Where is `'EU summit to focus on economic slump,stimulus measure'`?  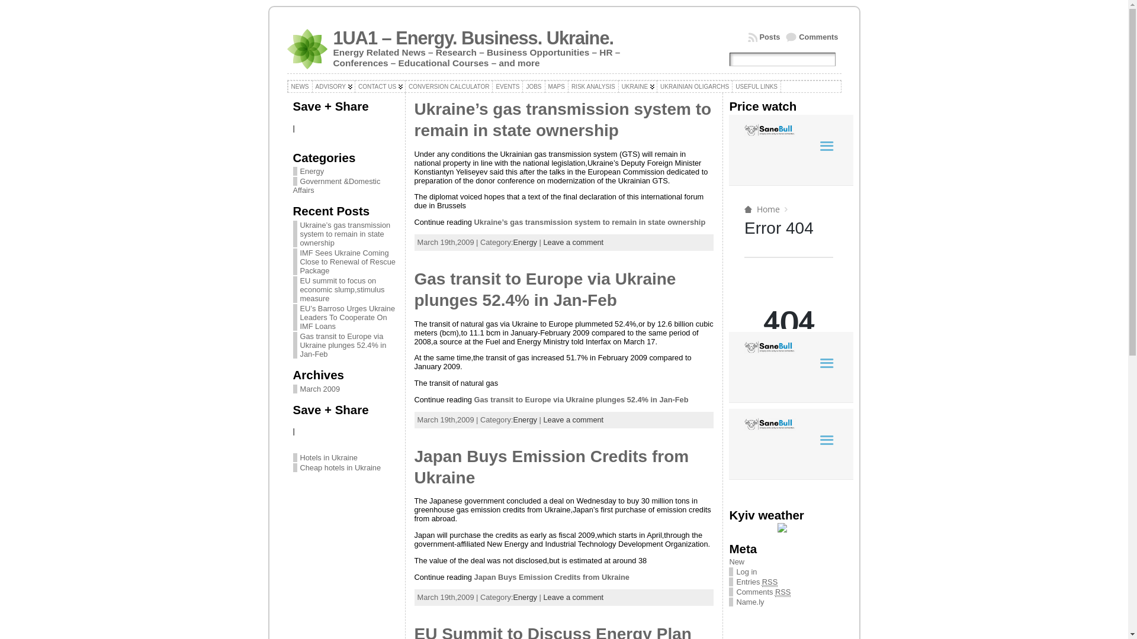
'EU summit to focus on economic slump,stimulus measure' is located at coordinates (341, 289).